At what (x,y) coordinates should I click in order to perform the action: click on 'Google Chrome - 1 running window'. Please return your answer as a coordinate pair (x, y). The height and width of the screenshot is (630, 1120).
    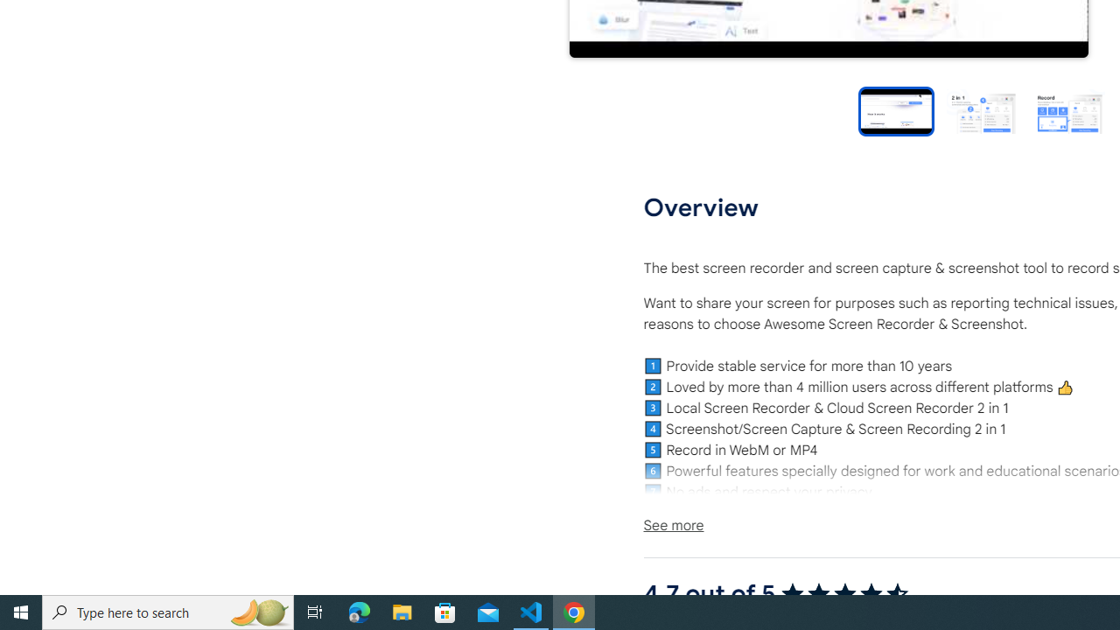
    Looking at the image, I should click on (574, 611).